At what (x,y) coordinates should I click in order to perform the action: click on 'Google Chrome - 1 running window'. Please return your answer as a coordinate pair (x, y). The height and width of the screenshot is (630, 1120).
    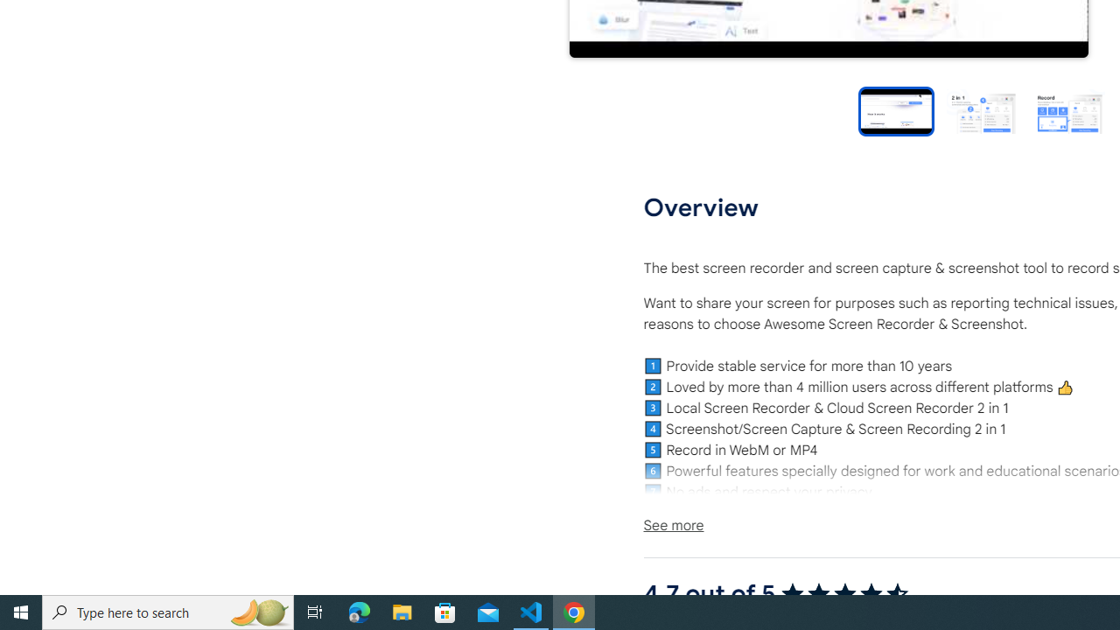
    Looking at the image, I should click on (574, 611).